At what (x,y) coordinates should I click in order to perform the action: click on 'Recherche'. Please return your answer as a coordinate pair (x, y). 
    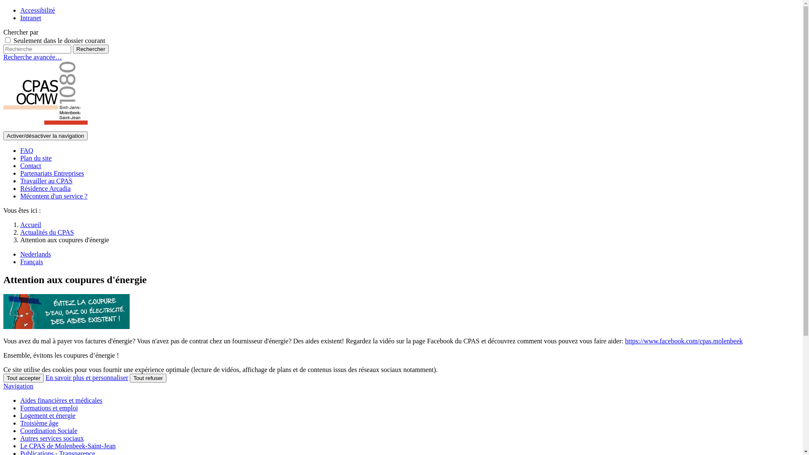
    Looking at the image, I should click on (37, 49).